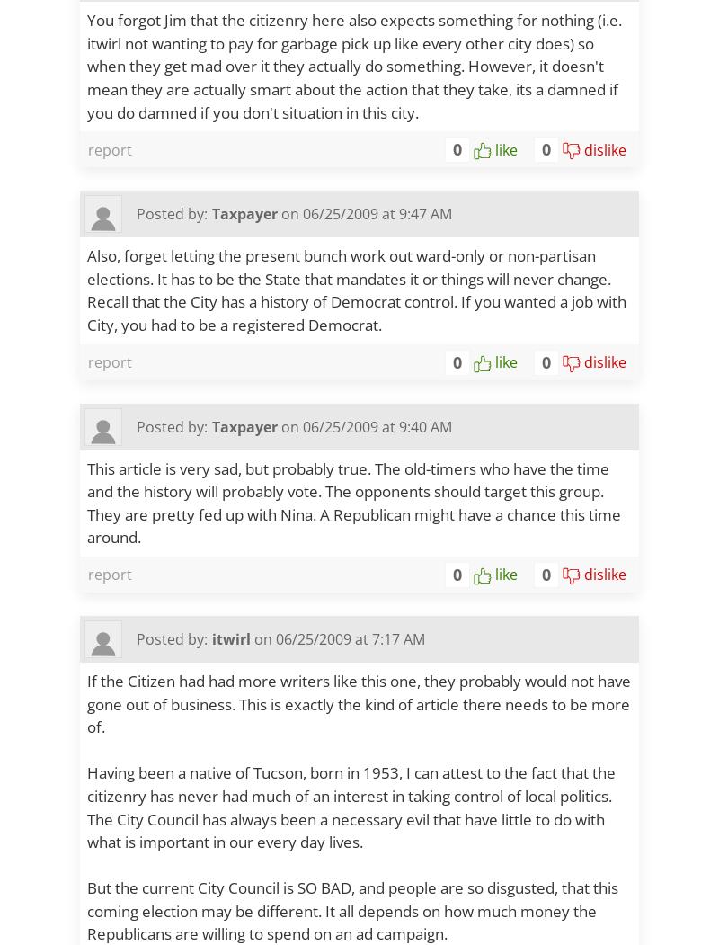 The height and width of the screenshot is (945, 719). What do you see at coordinates (377, 425) in the screenshot?
I see `'06/25/2009 at 9:40 AM'` at bounding box center [377, 425].